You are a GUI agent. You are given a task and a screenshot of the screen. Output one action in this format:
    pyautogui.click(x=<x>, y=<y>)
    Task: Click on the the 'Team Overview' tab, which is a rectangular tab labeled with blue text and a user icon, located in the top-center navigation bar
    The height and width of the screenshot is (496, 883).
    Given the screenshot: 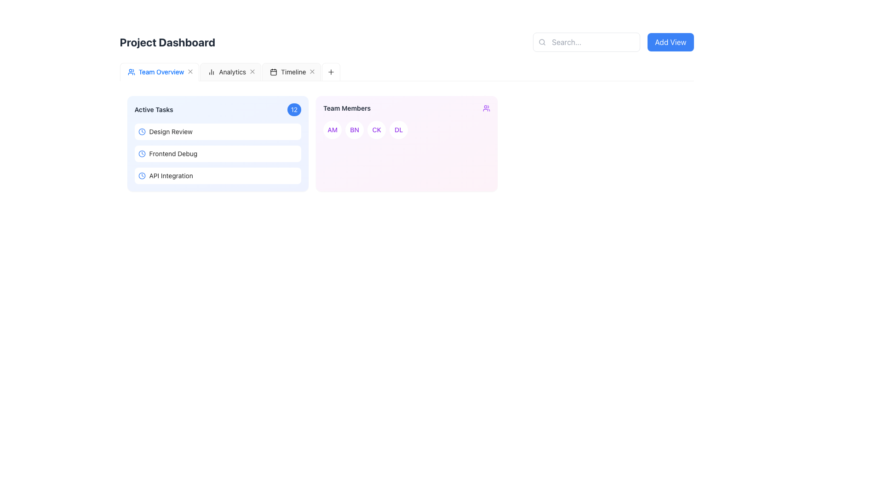 What is the action you would take?
    pyautogui.click(x=155, y=72)
    